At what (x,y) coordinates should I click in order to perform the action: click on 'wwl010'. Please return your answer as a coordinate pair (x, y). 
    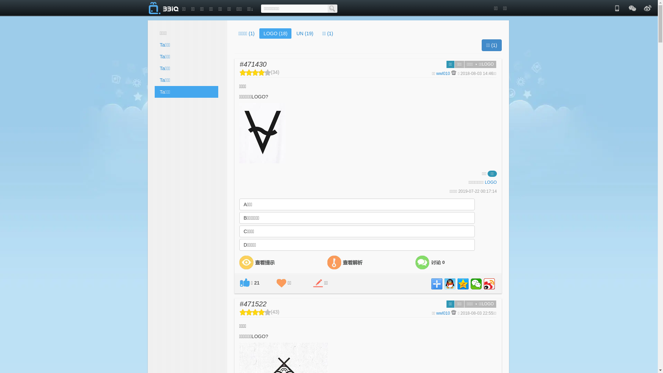
    Looking at the image, I should click on (443, 73).